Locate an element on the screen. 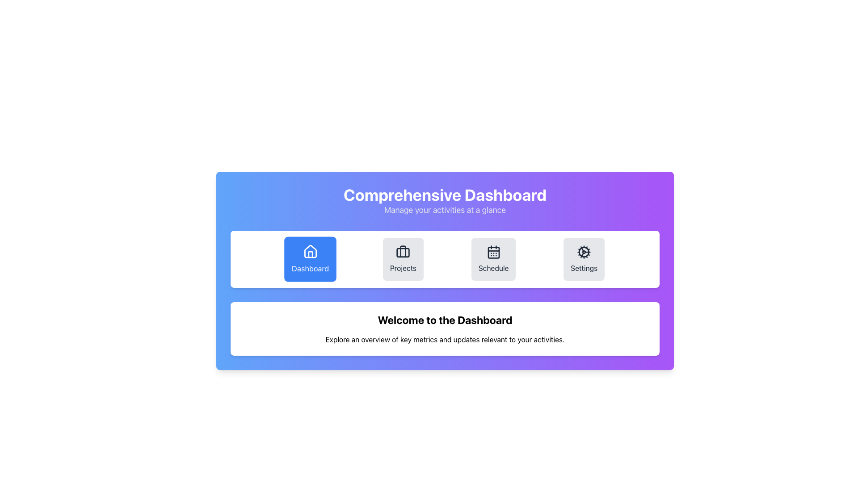 The height and width of the screenshot is (482, 858). the navigation button for the Dashboard section located below the heading 'Comprehensive Dashboard' is located at coordinates (310, 259).